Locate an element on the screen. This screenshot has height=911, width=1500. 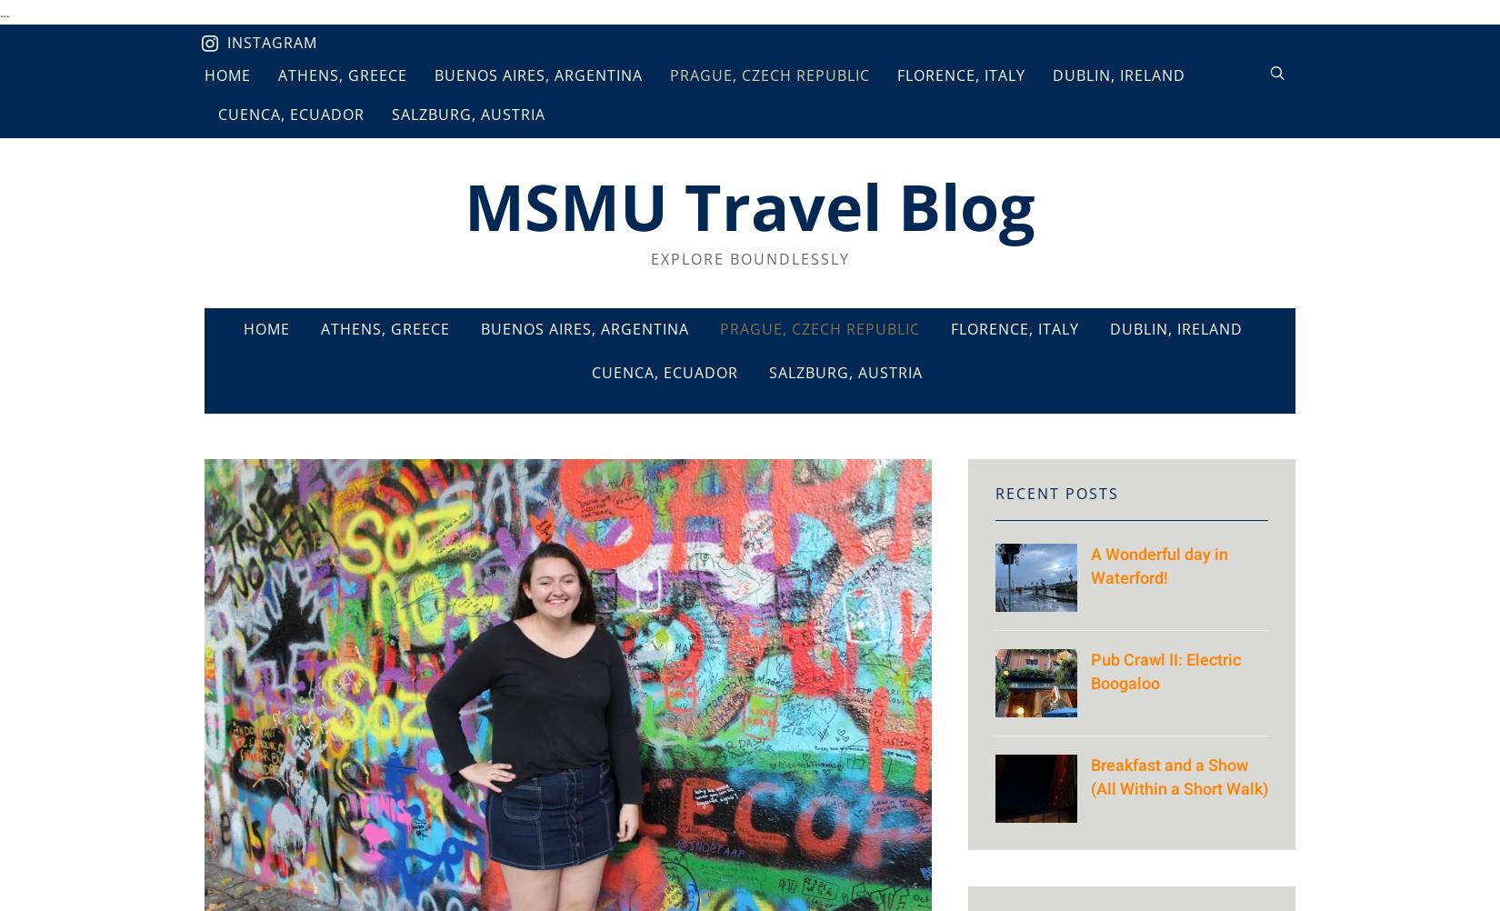
'Cuenca, Ecuador' is located at coordinates (663, 372).